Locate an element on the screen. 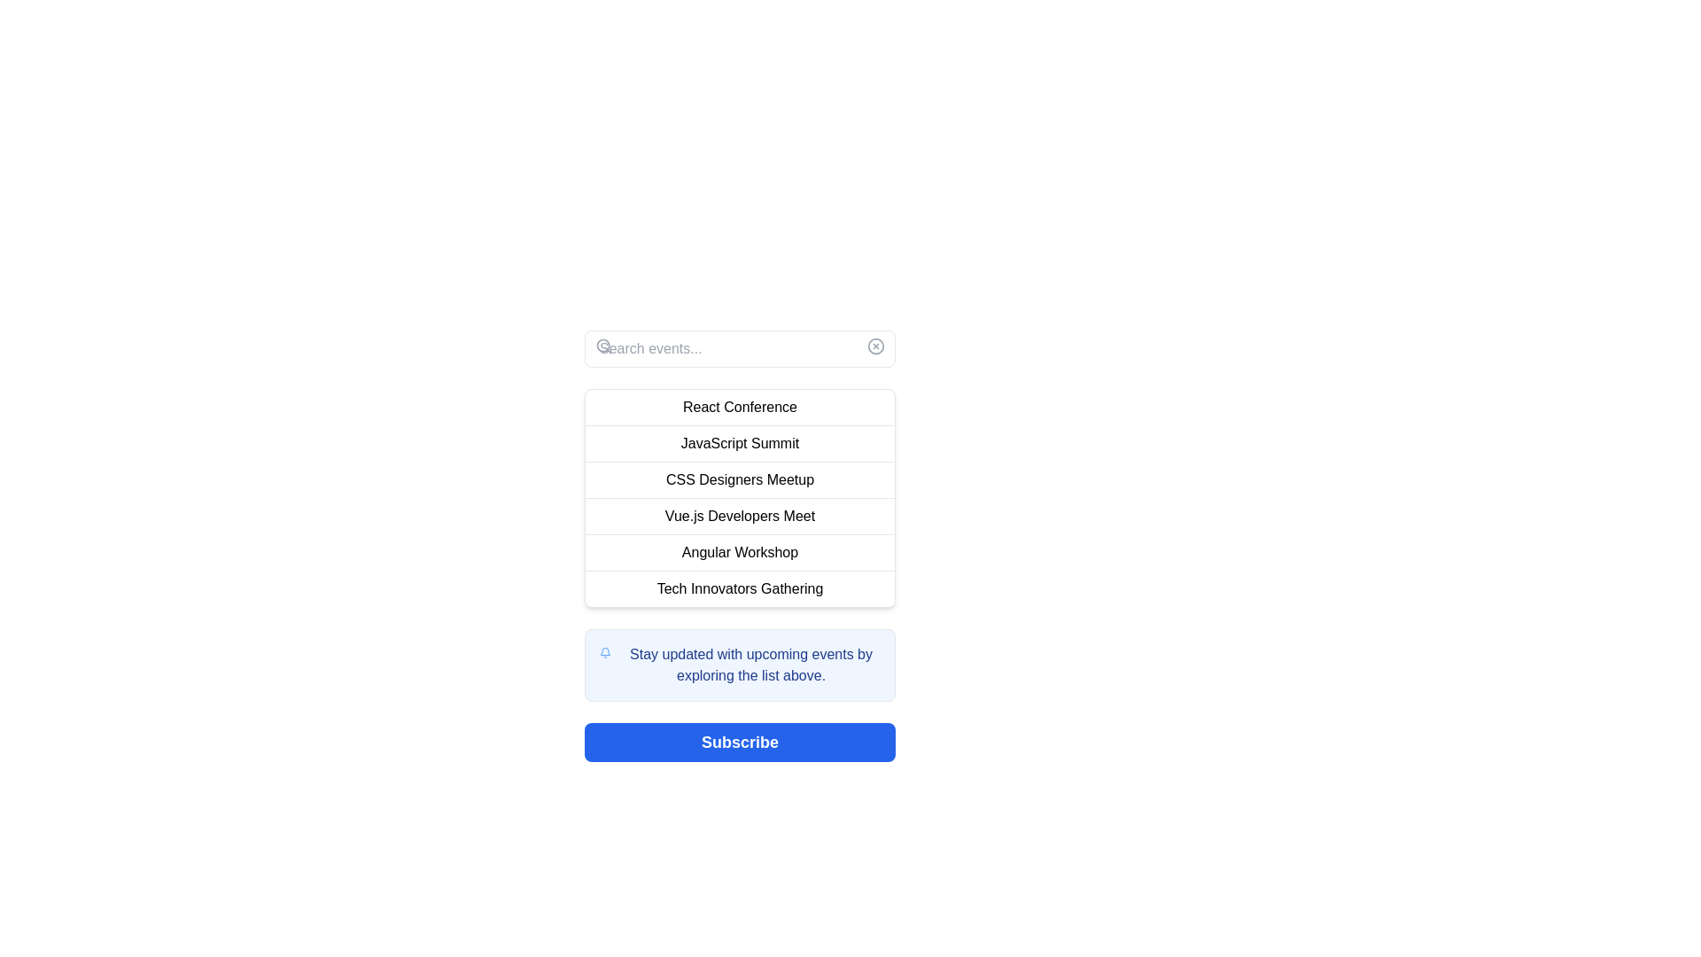 The width and height of the screenshot is (1701, 957). the search icon located inside the search input field at the top of the interface, which serves as a visual cue for search functionality is located at coordinates (603, 346).